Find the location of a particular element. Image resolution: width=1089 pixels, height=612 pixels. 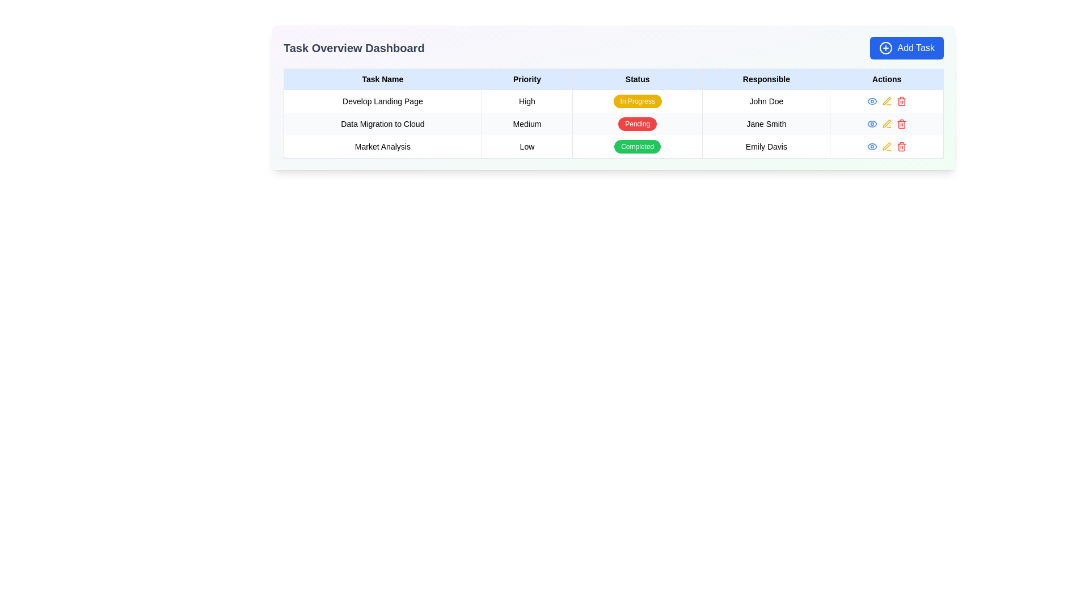

the text label displaying 'Emily Davis', located in the last column of the 'Market Analysis' row in the 'Responsible' section of the table is located at coordinates (766, 146).